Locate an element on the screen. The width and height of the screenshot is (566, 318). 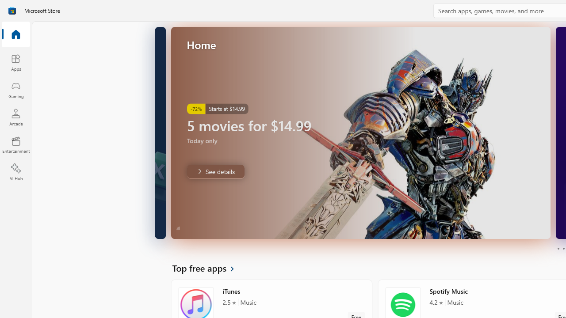
'Page 2' is located at coordinates (563, 249).